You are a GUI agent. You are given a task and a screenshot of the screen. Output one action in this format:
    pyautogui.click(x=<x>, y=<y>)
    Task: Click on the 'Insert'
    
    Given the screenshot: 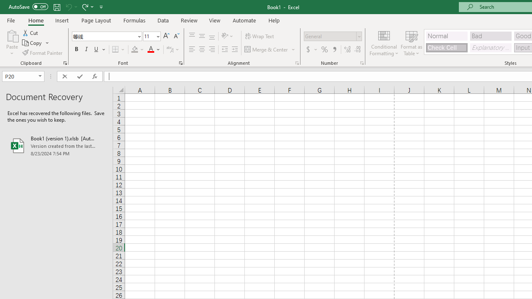 What is the action you would take?
    pyautogui.click(x=62, y=20)
    